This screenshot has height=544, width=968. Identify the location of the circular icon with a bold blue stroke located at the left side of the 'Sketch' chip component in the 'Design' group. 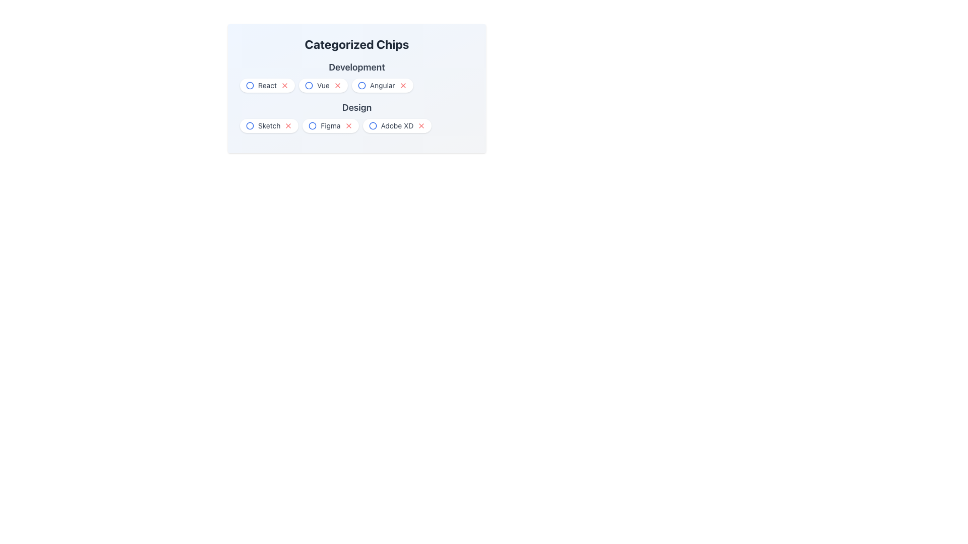
(250, 125).